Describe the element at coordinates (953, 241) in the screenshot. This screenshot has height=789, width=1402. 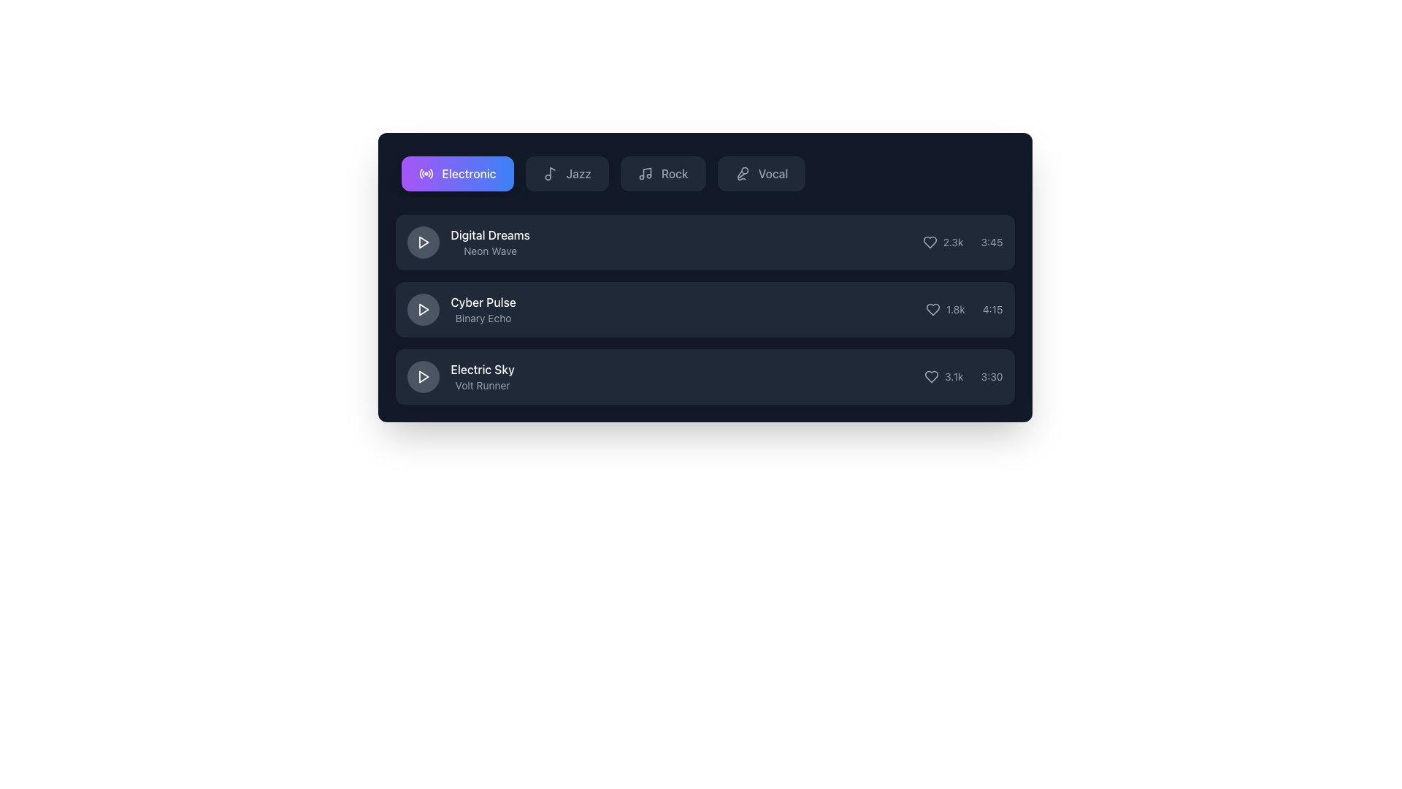
I see `the Text label displaying the count of likes or favorites, located to the right of the heart icon in the first item of the list on the dark background` at that location.